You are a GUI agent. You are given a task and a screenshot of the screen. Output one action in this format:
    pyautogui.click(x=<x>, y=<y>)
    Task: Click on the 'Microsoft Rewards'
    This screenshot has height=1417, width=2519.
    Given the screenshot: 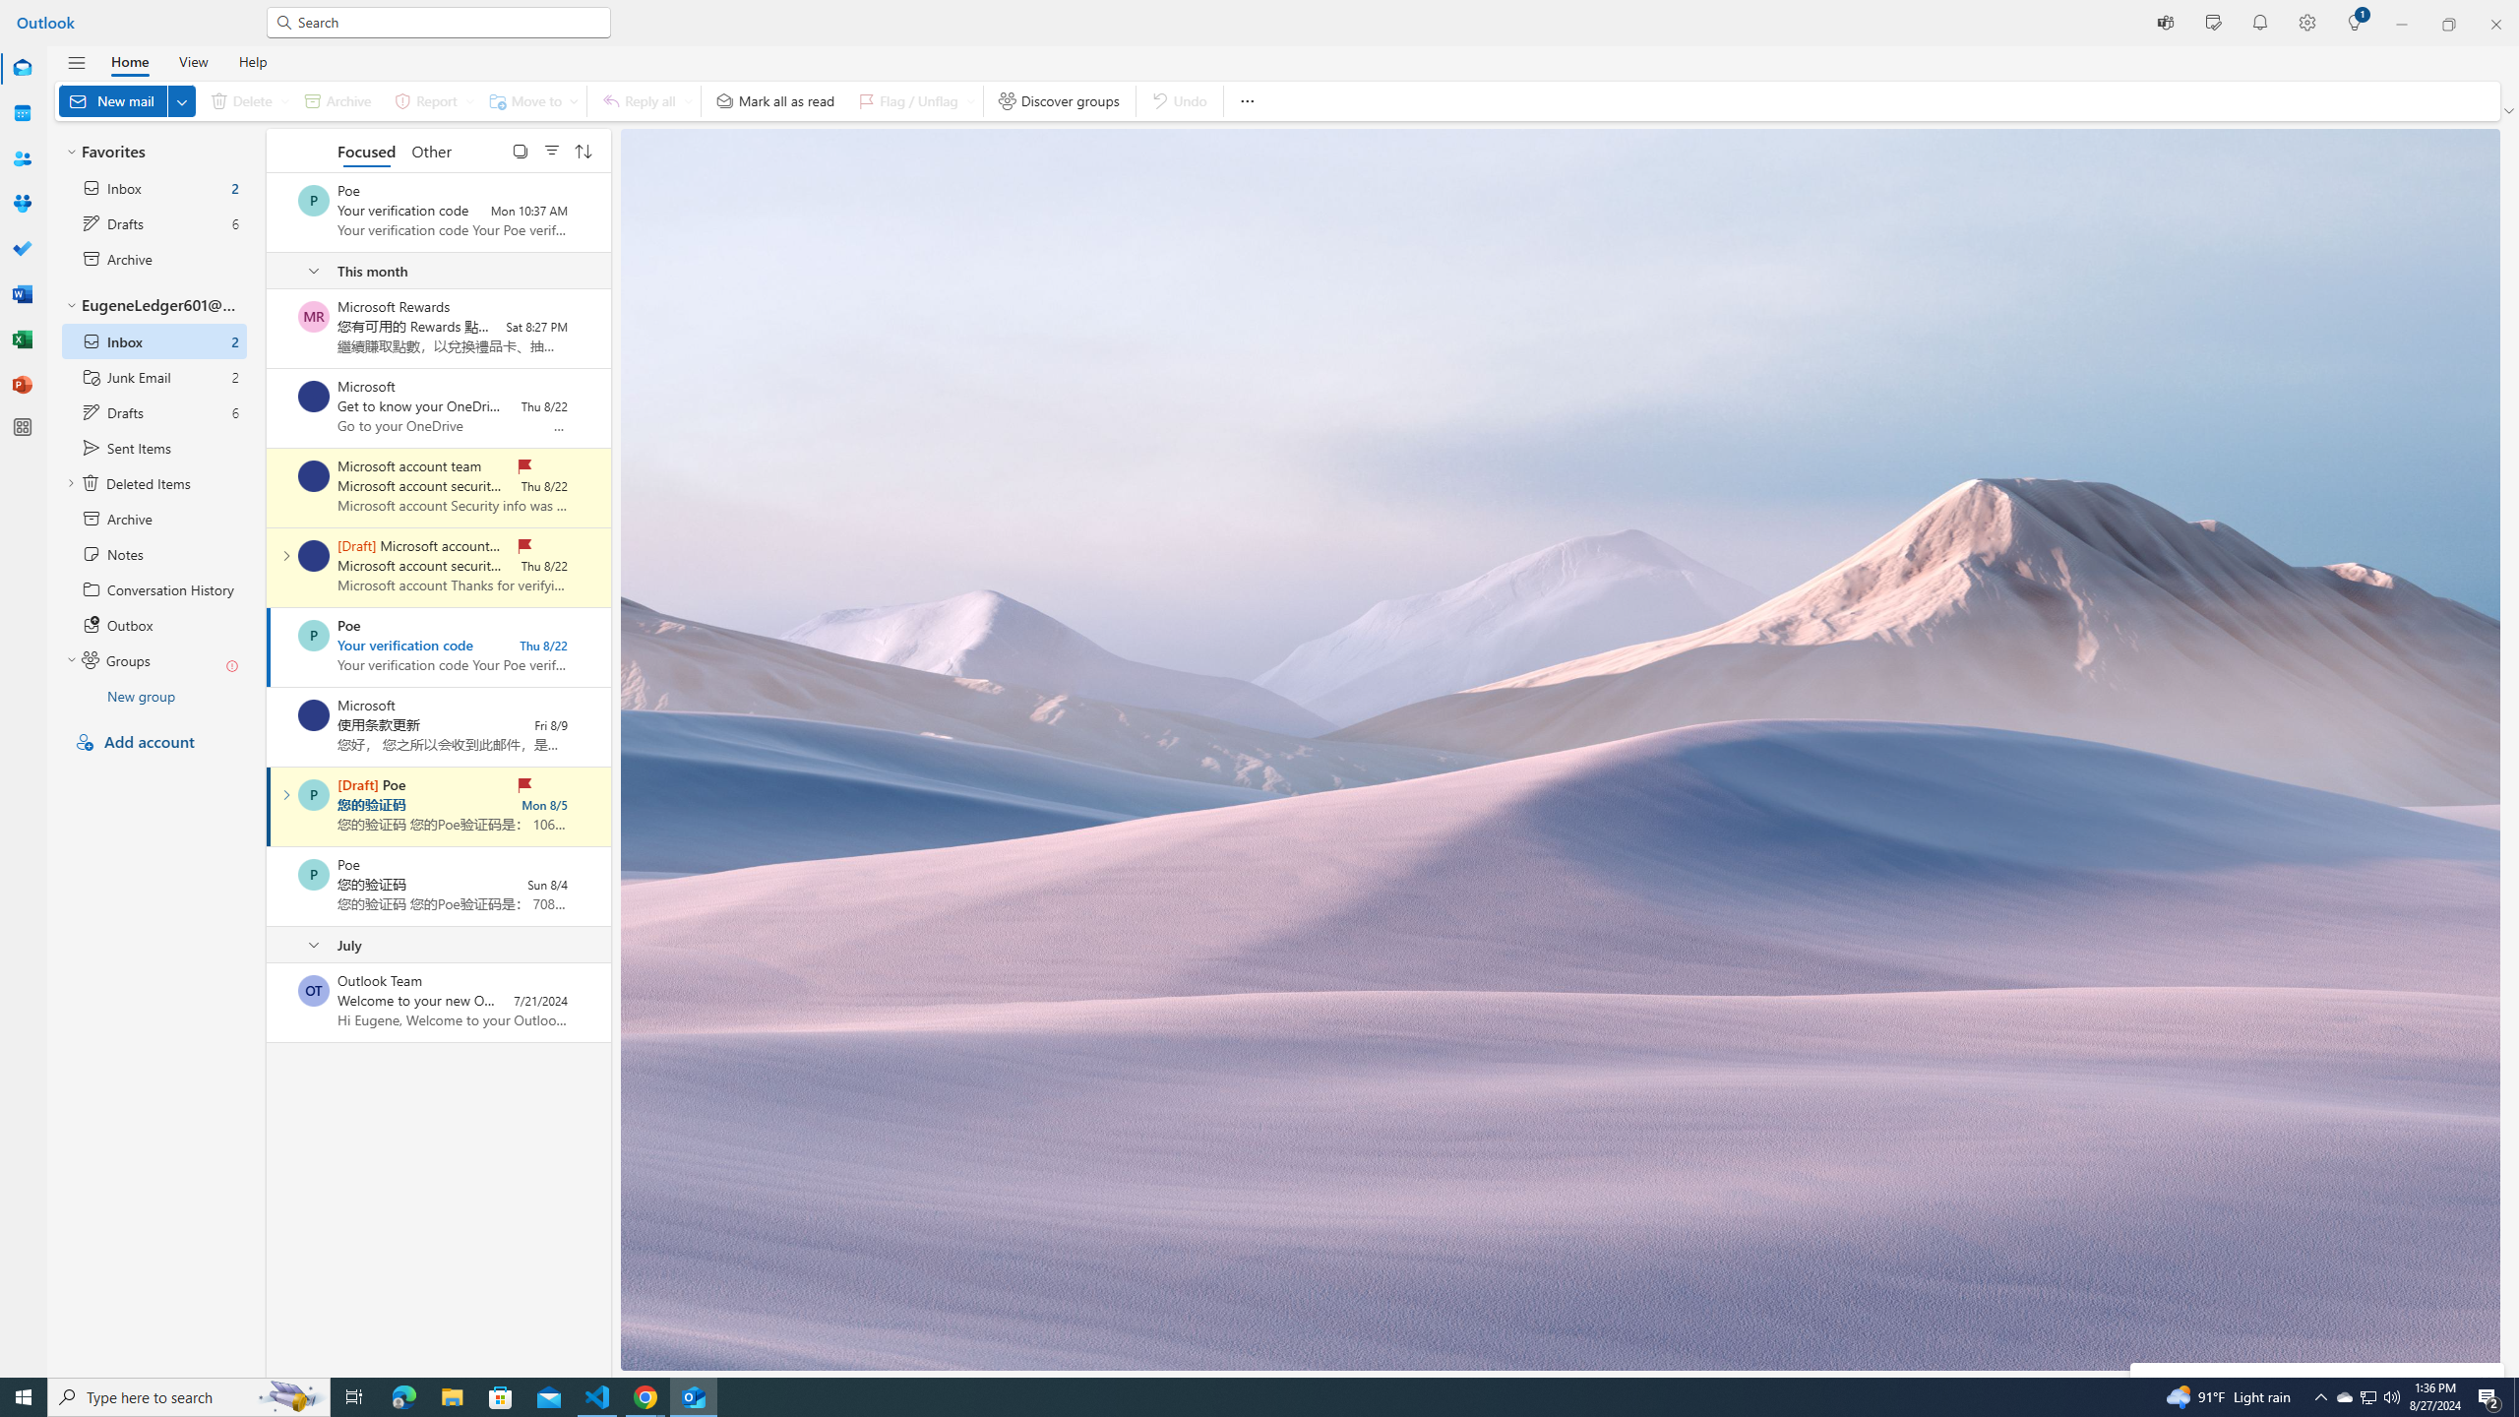 What is the action you would take?
    pyautogui.click(x=312, y=316)
    